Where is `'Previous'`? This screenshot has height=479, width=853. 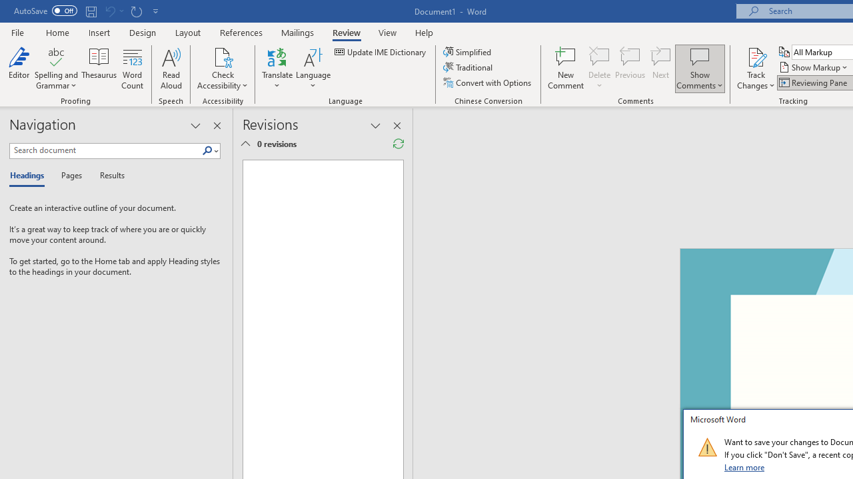 'Previous' is located at coordinates (630, 69).